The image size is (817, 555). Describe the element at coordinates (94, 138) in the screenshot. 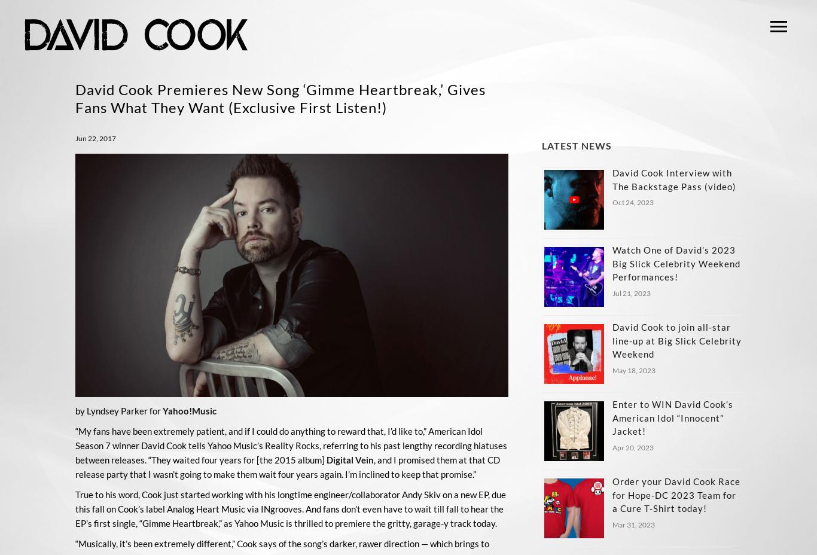

I see `'Jun 22, 2017'` at that location.